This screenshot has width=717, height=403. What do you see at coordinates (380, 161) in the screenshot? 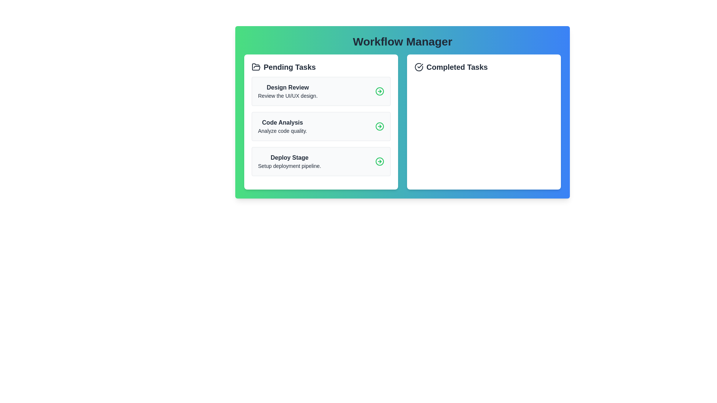
I see `the green-stroked circular SVG element within the arrow icon located in the third task item of the 'Pending Tasks' list` at bounding box center [380, 161].